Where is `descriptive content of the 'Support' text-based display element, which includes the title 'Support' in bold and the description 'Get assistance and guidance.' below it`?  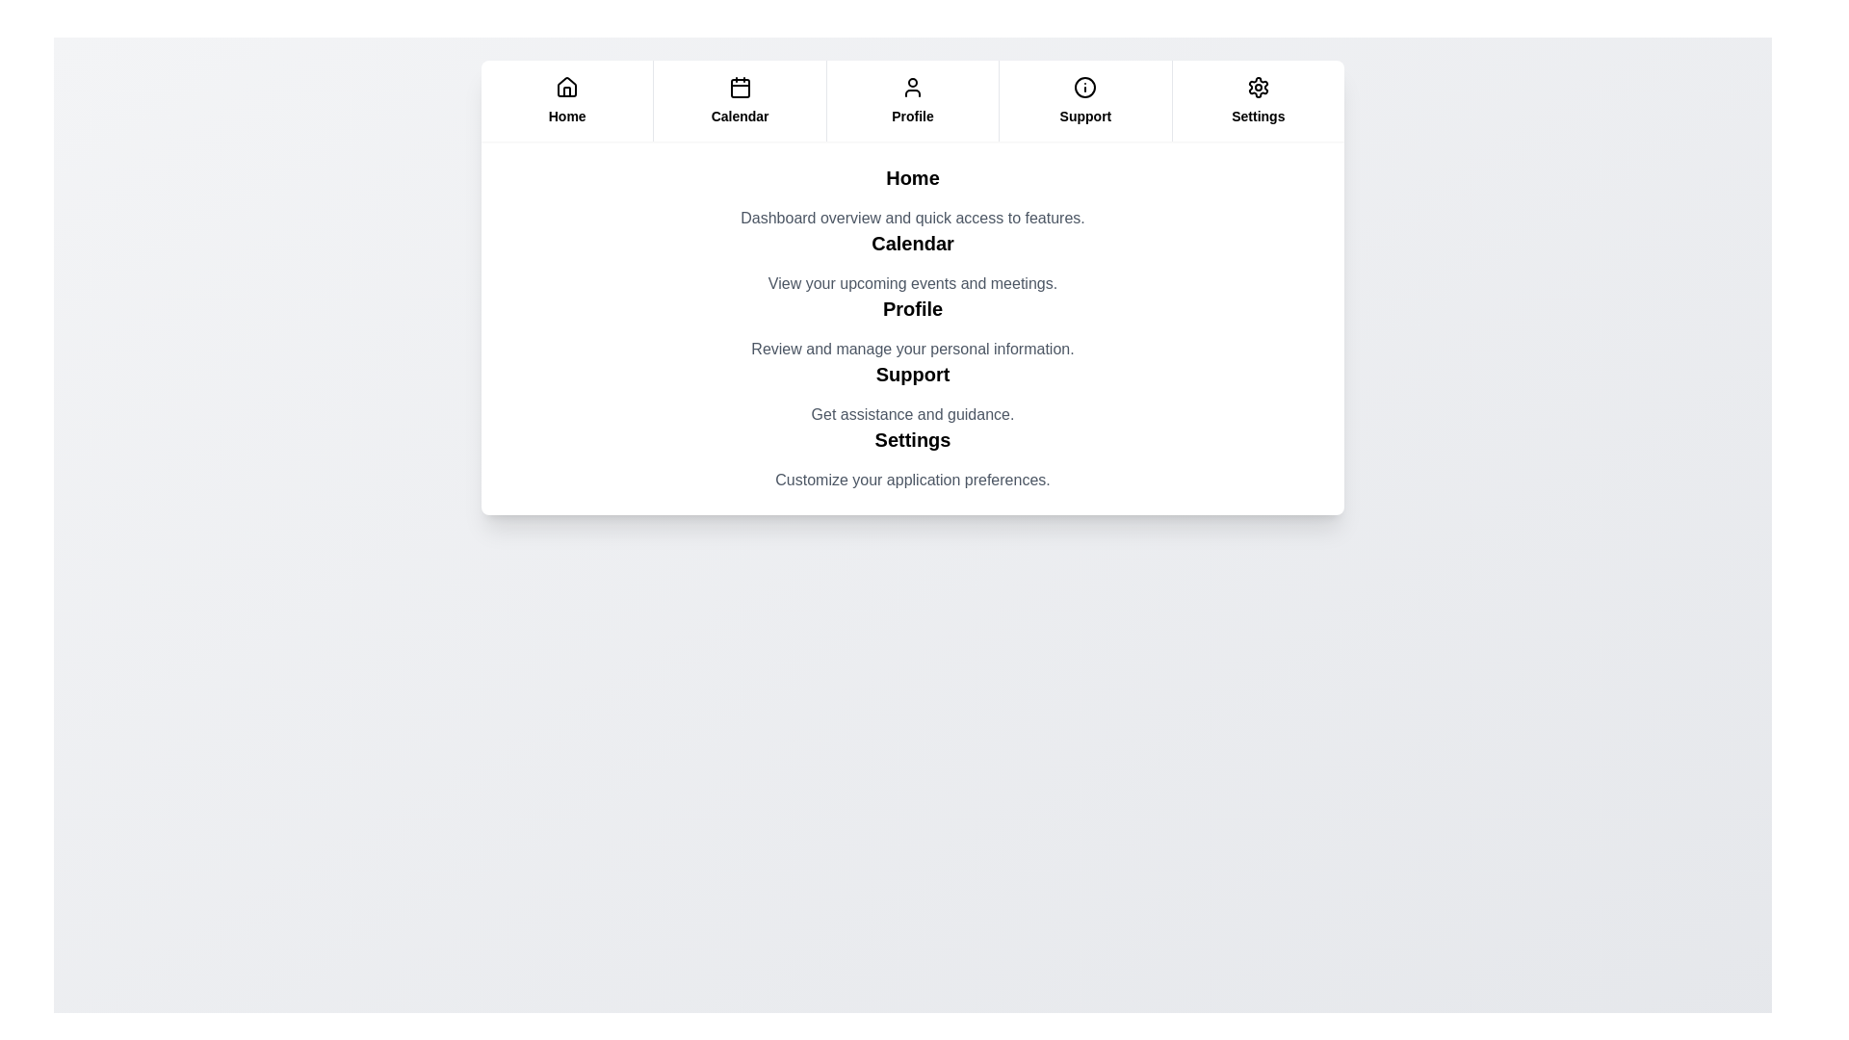
descriptive content of the 'Support' text-based display element, which includes the title 'Support' in bold and the description 'Get assistance and guidance.' below it is located at coordinates (912, 392).